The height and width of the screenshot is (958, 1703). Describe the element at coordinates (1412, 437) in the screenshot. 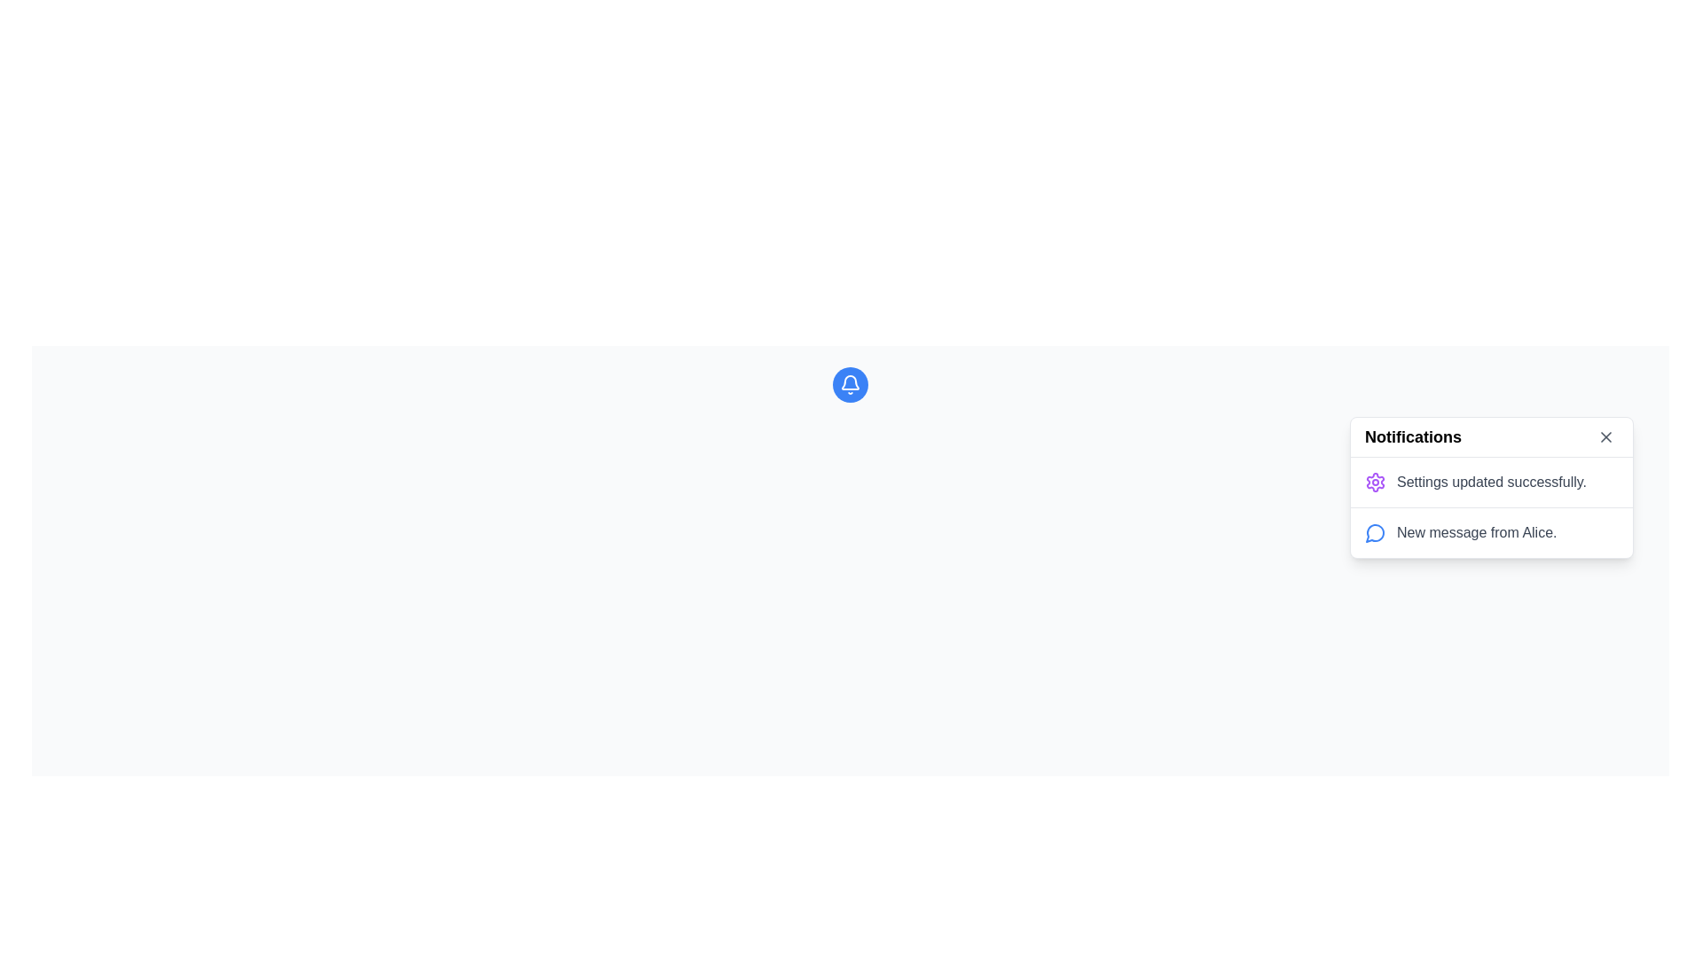

I see `the bold 'Notifications' header text located in the top-left corner of the notification panel` at that location.